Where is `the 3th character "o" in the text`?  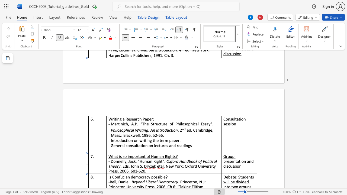 the 3th character "o" in the text is located at coordinates (163, 130).